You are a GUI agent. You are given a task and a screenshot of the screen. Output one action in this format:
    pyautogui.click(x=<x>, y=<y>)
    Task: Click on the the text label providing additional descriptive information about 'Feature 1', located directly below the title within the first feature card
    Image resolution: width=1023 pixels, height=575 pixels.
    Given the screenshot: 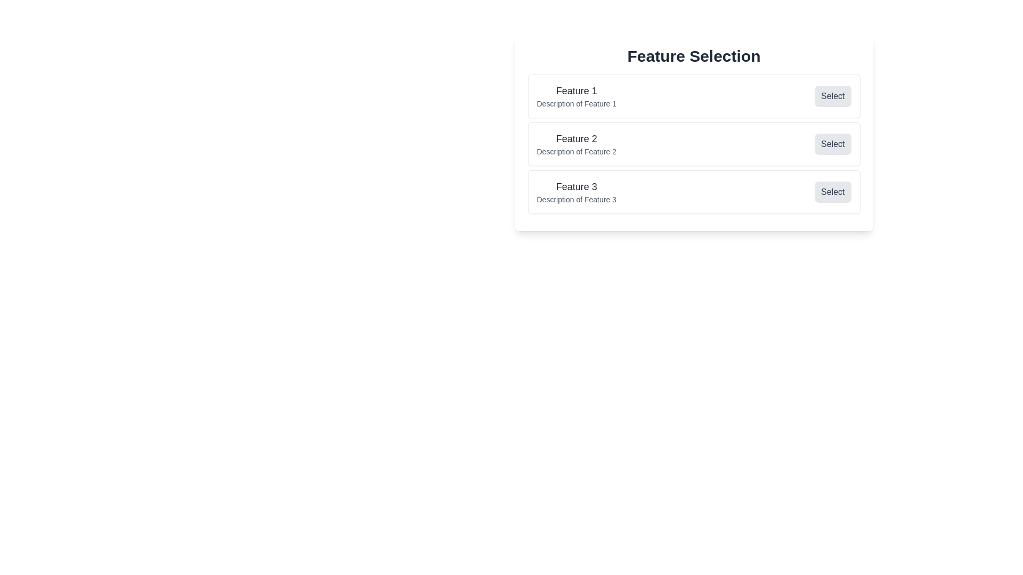 What is the action you would take?
    pyautogui.click(x=576, y=104)
    